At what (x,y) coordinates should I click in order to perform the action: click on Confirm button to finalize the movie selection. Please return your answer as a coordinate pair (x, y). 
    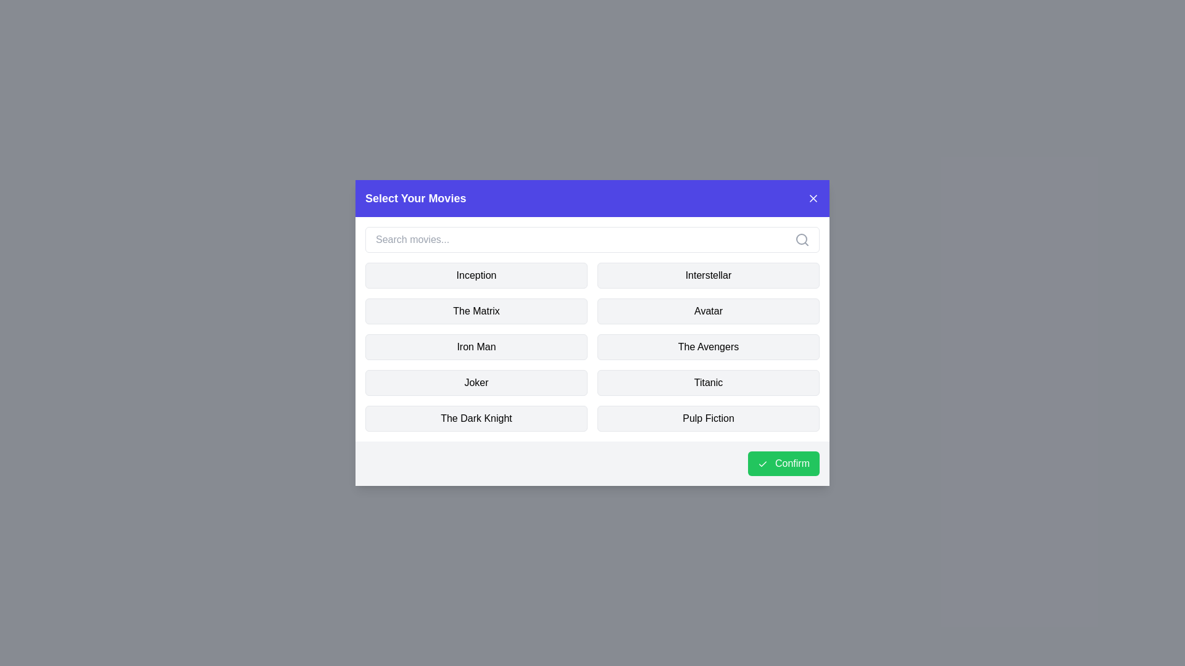
    Looking at the image, I should click on (783, 464).